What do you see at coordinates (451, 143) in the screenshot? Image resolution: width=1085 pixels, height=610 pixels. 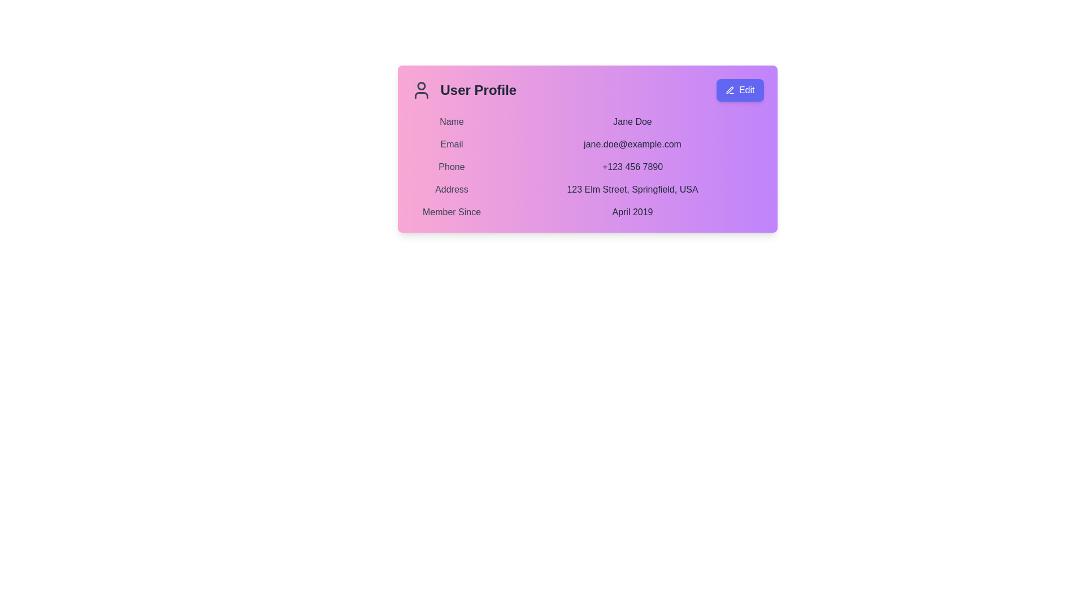 I see `the 'Email' label, which is styled with a medium bold gray font and located to the left of the value 'jane.doe@example.com' in the user profile card` at bounding box center [451, 143].